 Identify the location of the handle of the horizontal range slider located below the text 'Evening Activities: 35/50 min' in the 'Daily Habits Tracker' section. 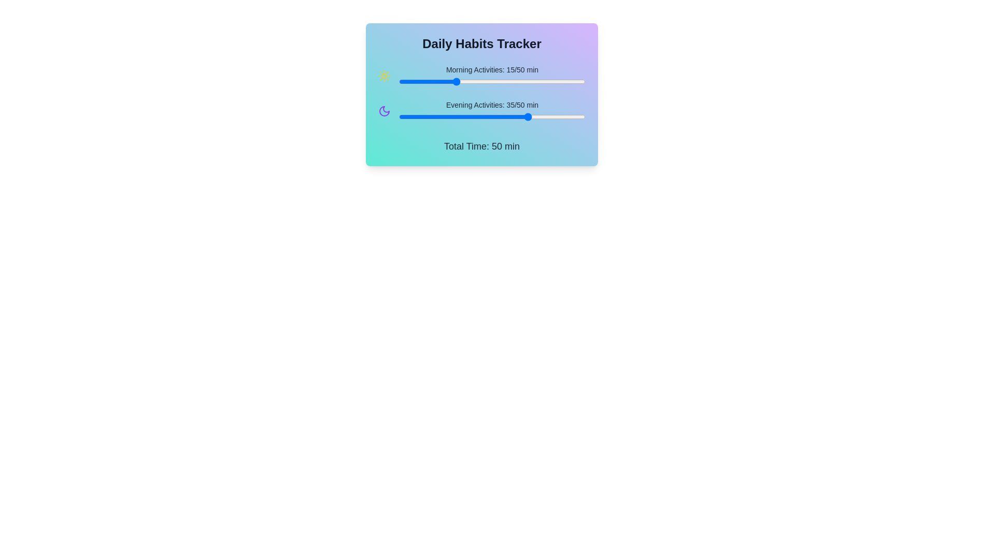
(492, 116).